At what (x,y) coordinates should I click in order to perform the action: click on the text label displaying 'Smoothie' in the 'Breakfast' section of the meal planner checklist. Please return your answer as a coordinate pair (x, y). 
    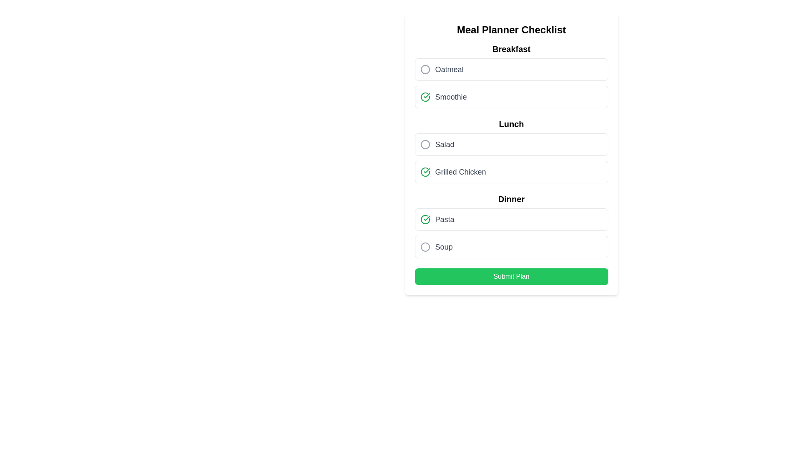
    Looking at the image, I should click on (450, 96).